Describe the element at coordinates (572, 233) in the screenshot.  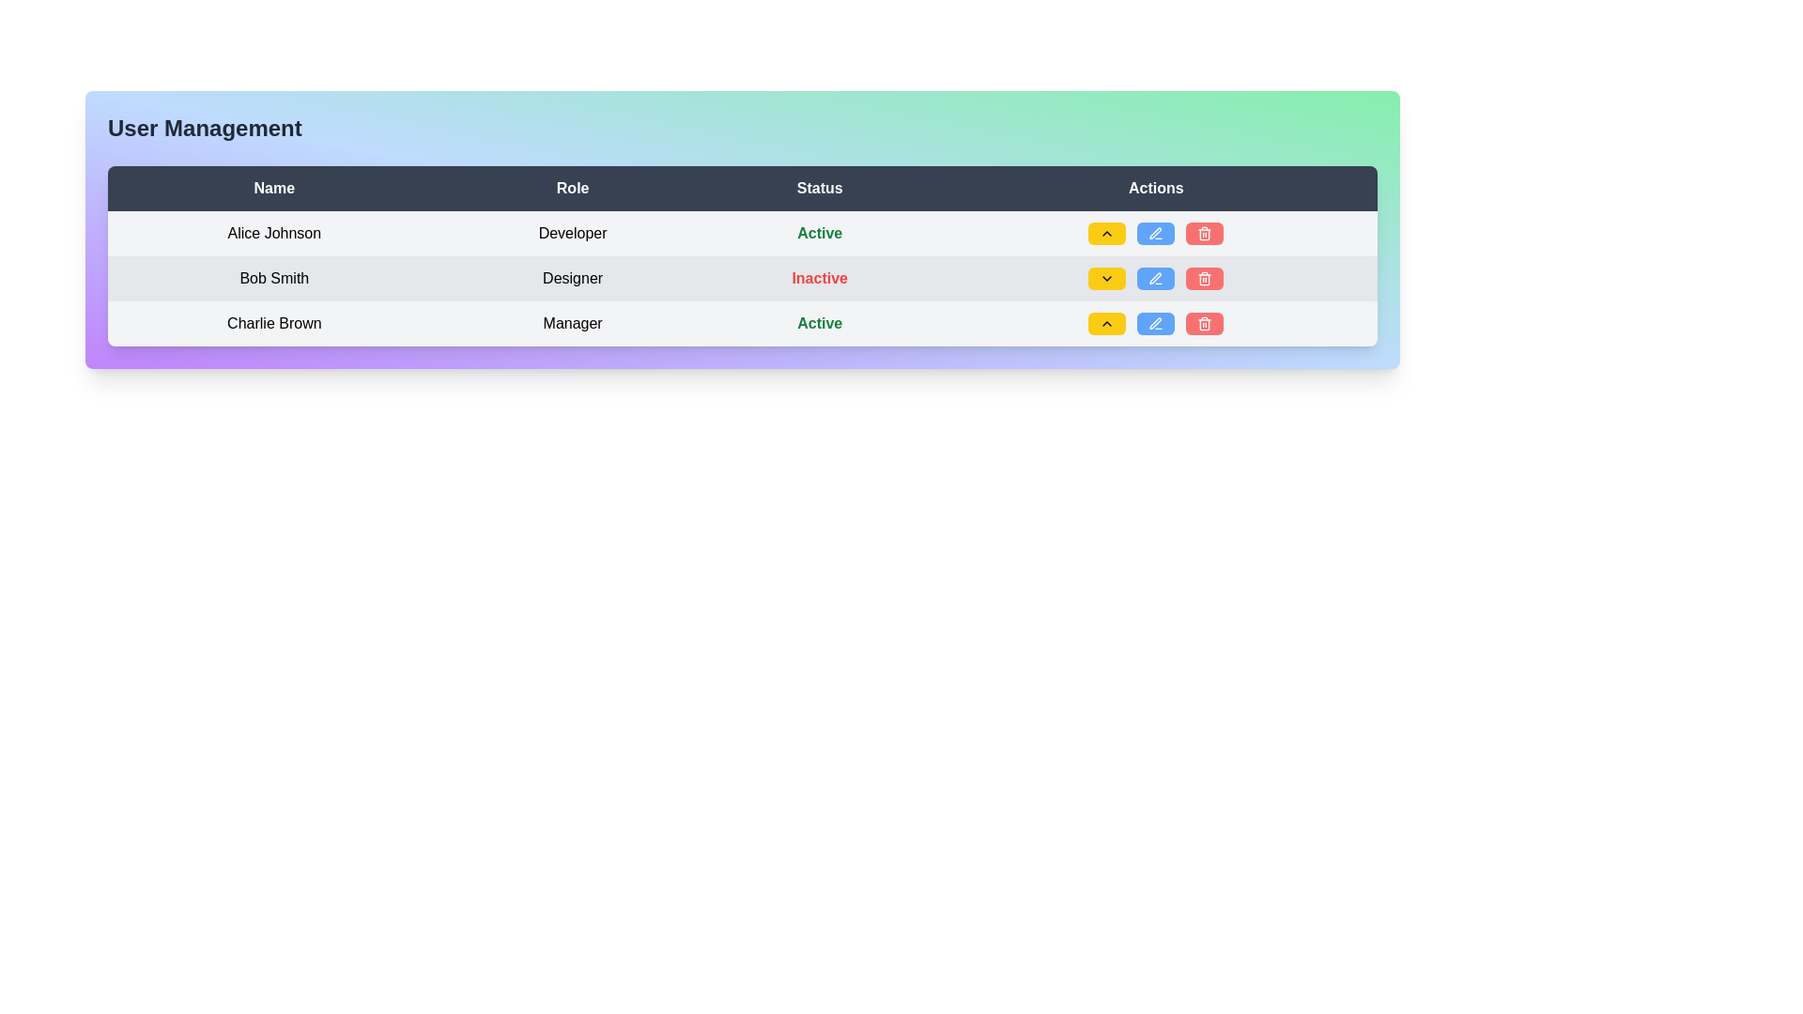
I see `the text label displaying the role assigned to Alice Johnson, located in the second column of the first data row under the 'Role' column` at that location.